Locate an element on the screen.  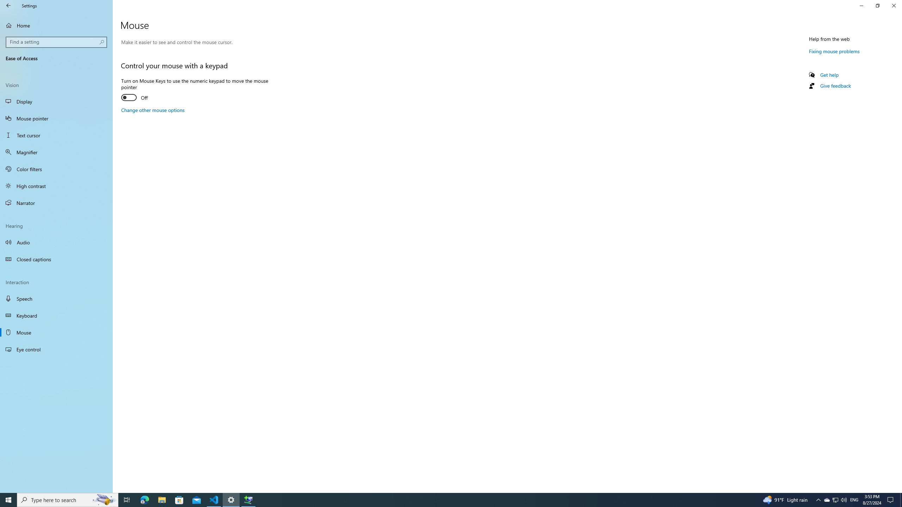
'Closed captions' is located at coordinates (56, 259).